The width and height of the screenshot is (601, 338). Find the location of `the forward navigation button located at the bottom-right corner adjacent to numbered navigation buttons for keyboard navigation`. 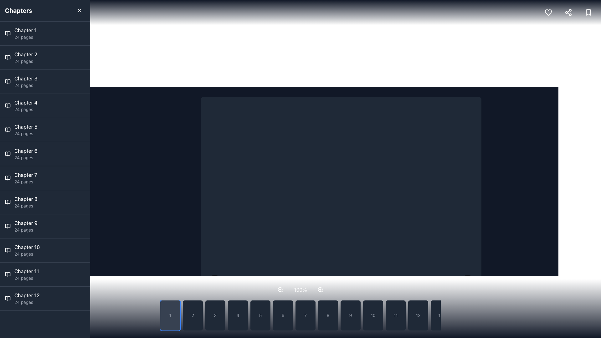

the forward navigation button located at the bottom-right corner adjacent to numbered navigation buttons for keyboard navigation is located at coordinates (467, 284).